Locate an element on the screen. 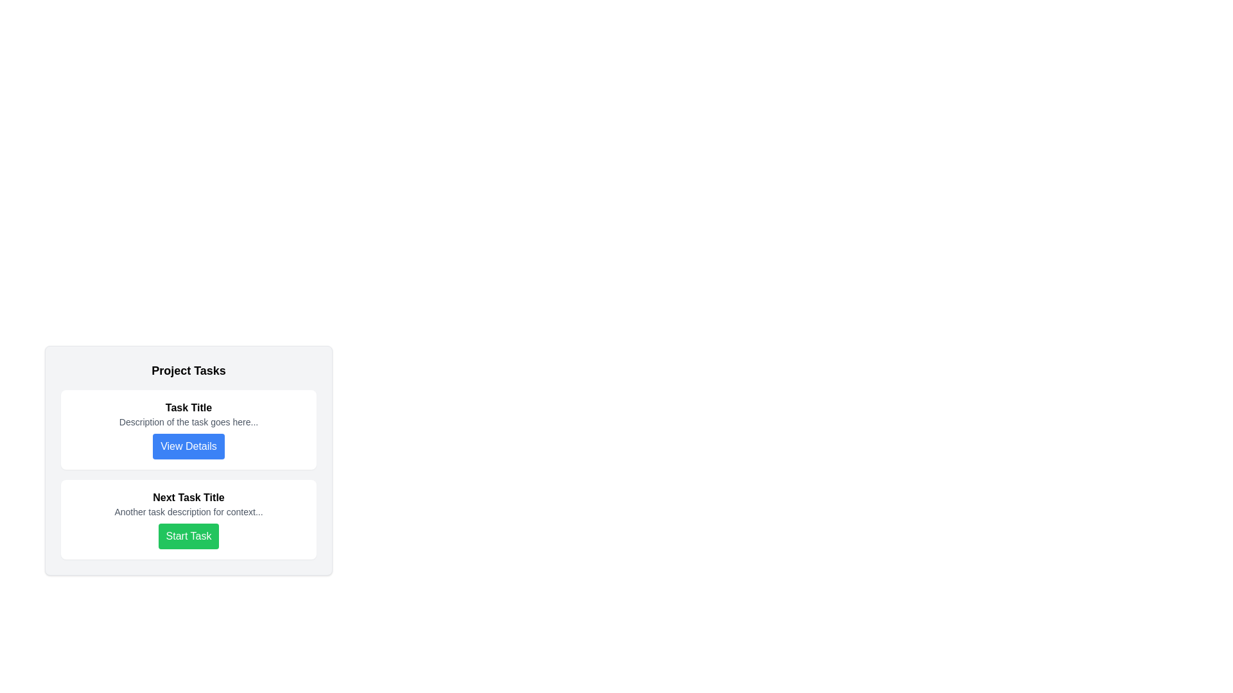 The height and width of the screenshot is (693, 1233). descriptive text from the static text label located centrally within the card, which is positioned below the 'Next Task Title' header and above the 'Start Task' button is located at coordinates (188, 511).